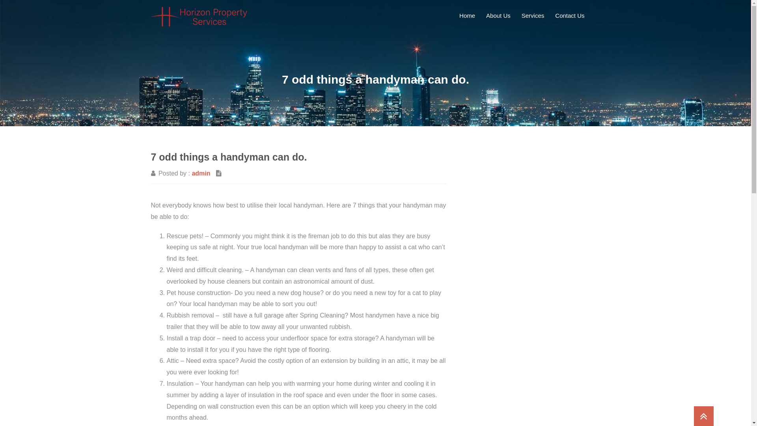  Describe the element at coordinates (569, 15) in the screenshot. I see `'Contact Us'` at that location.